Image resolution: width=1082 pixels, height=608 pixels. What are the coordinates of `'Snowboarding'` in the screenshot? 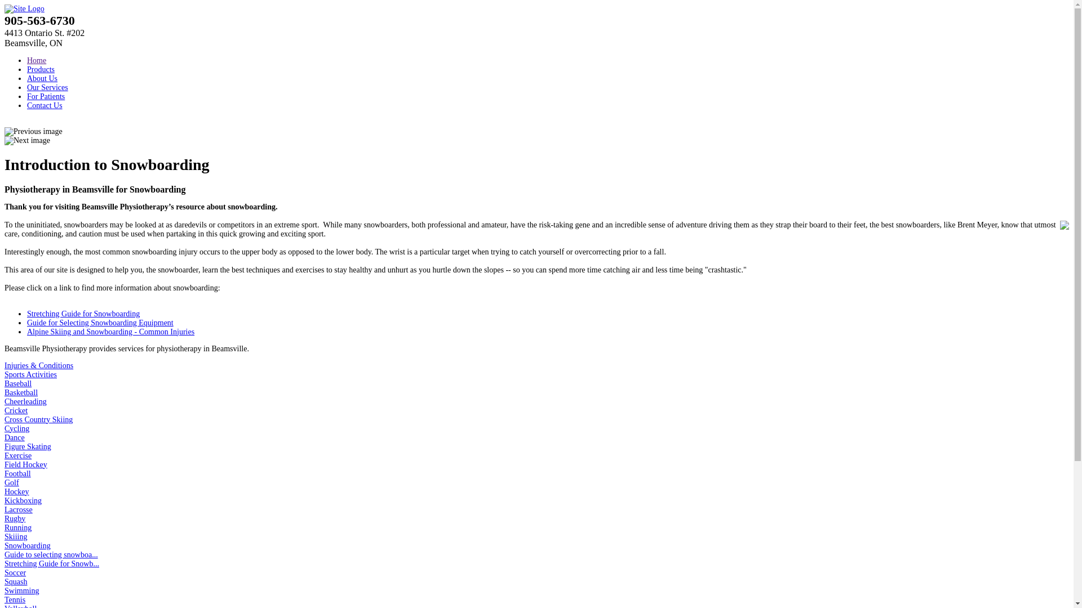 It's located at (5, 545).